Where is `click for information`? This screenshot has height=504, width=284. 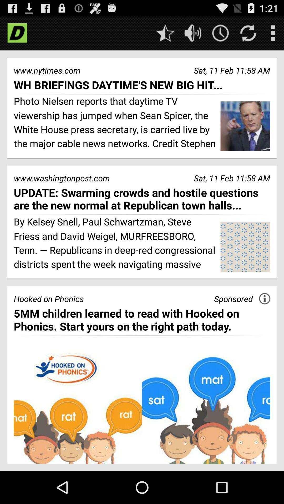 click for information is located at coordinates (265, 298).